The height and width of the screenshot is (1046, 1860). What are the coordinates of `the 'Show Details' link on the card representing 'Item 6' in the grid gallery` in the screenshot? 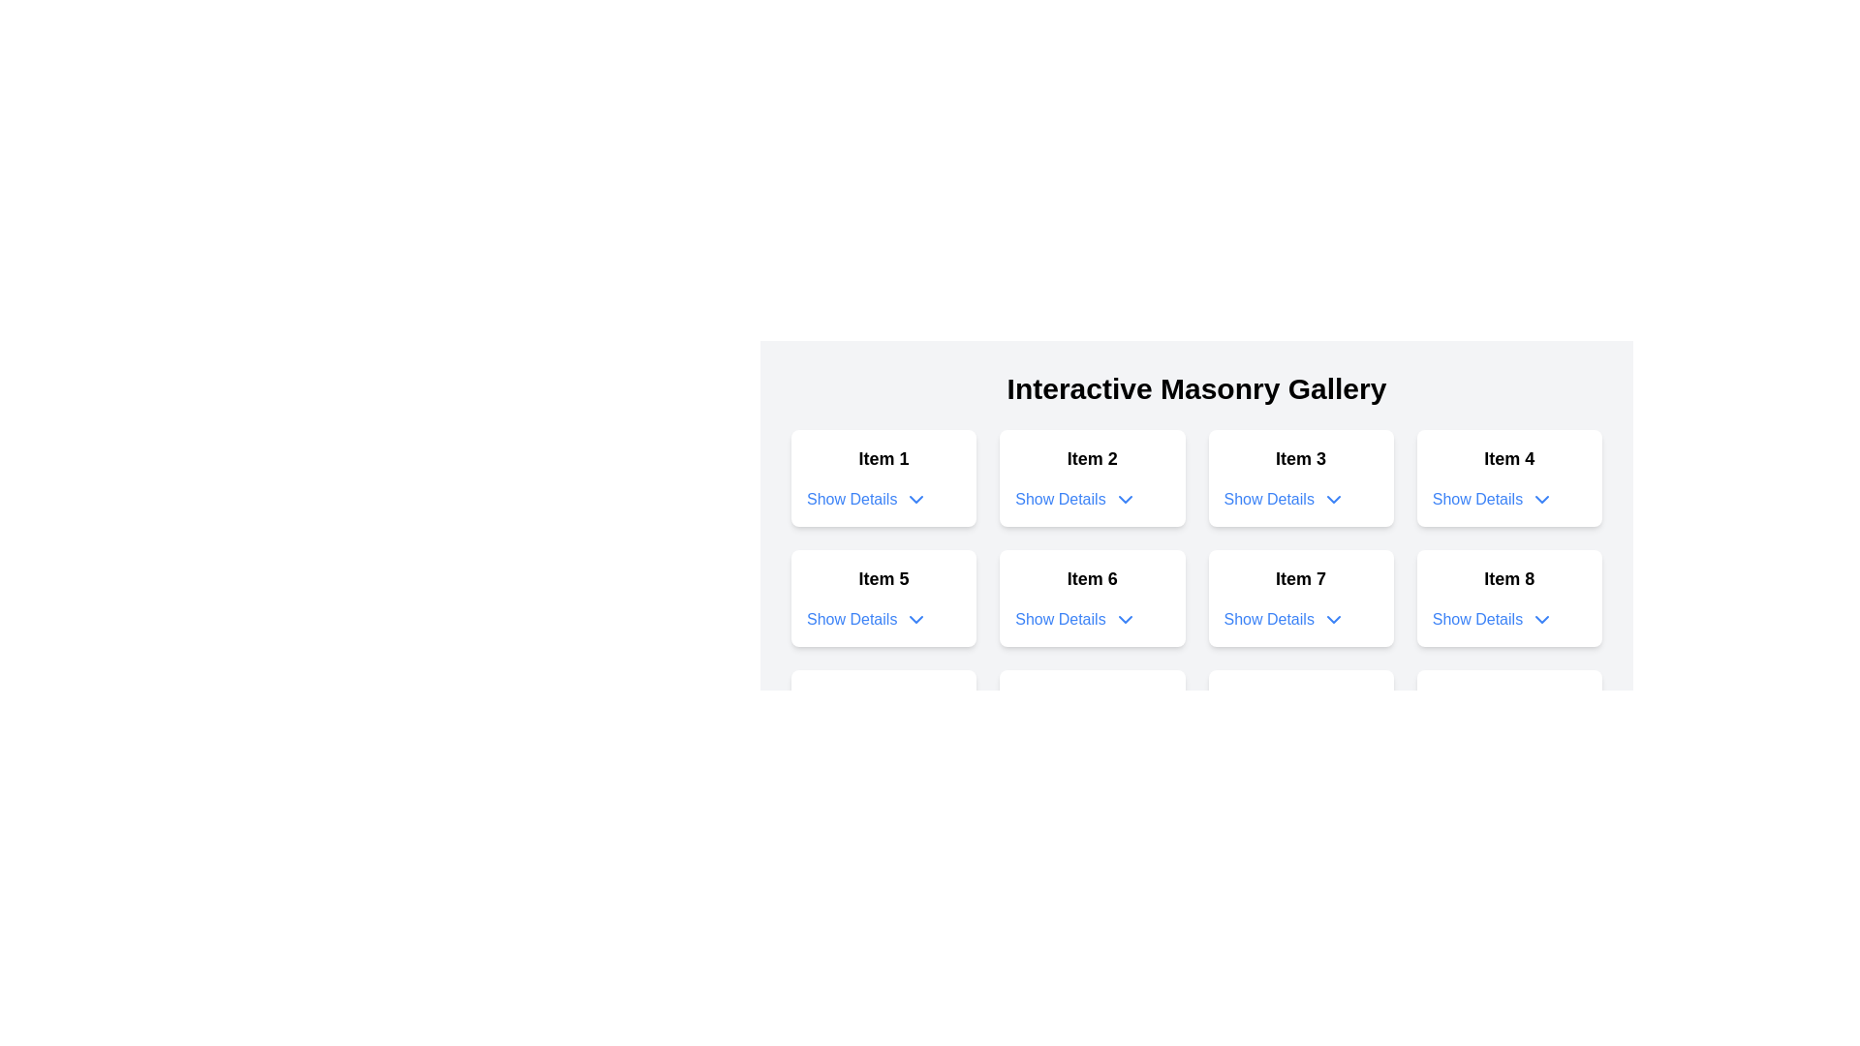 It's located at (1092, 597).